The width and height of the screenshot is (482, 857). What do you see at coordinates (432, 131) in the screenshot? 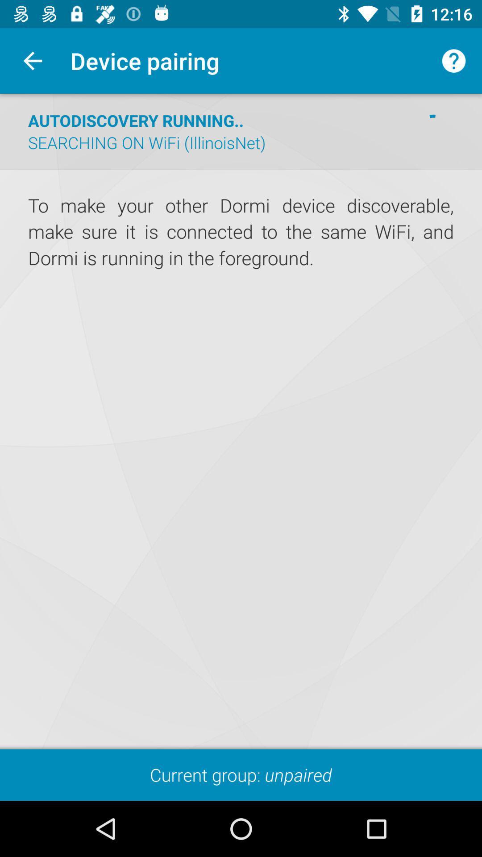
I see `the item to the right of the searching on wifi icon` at bounding box center [432, 131].